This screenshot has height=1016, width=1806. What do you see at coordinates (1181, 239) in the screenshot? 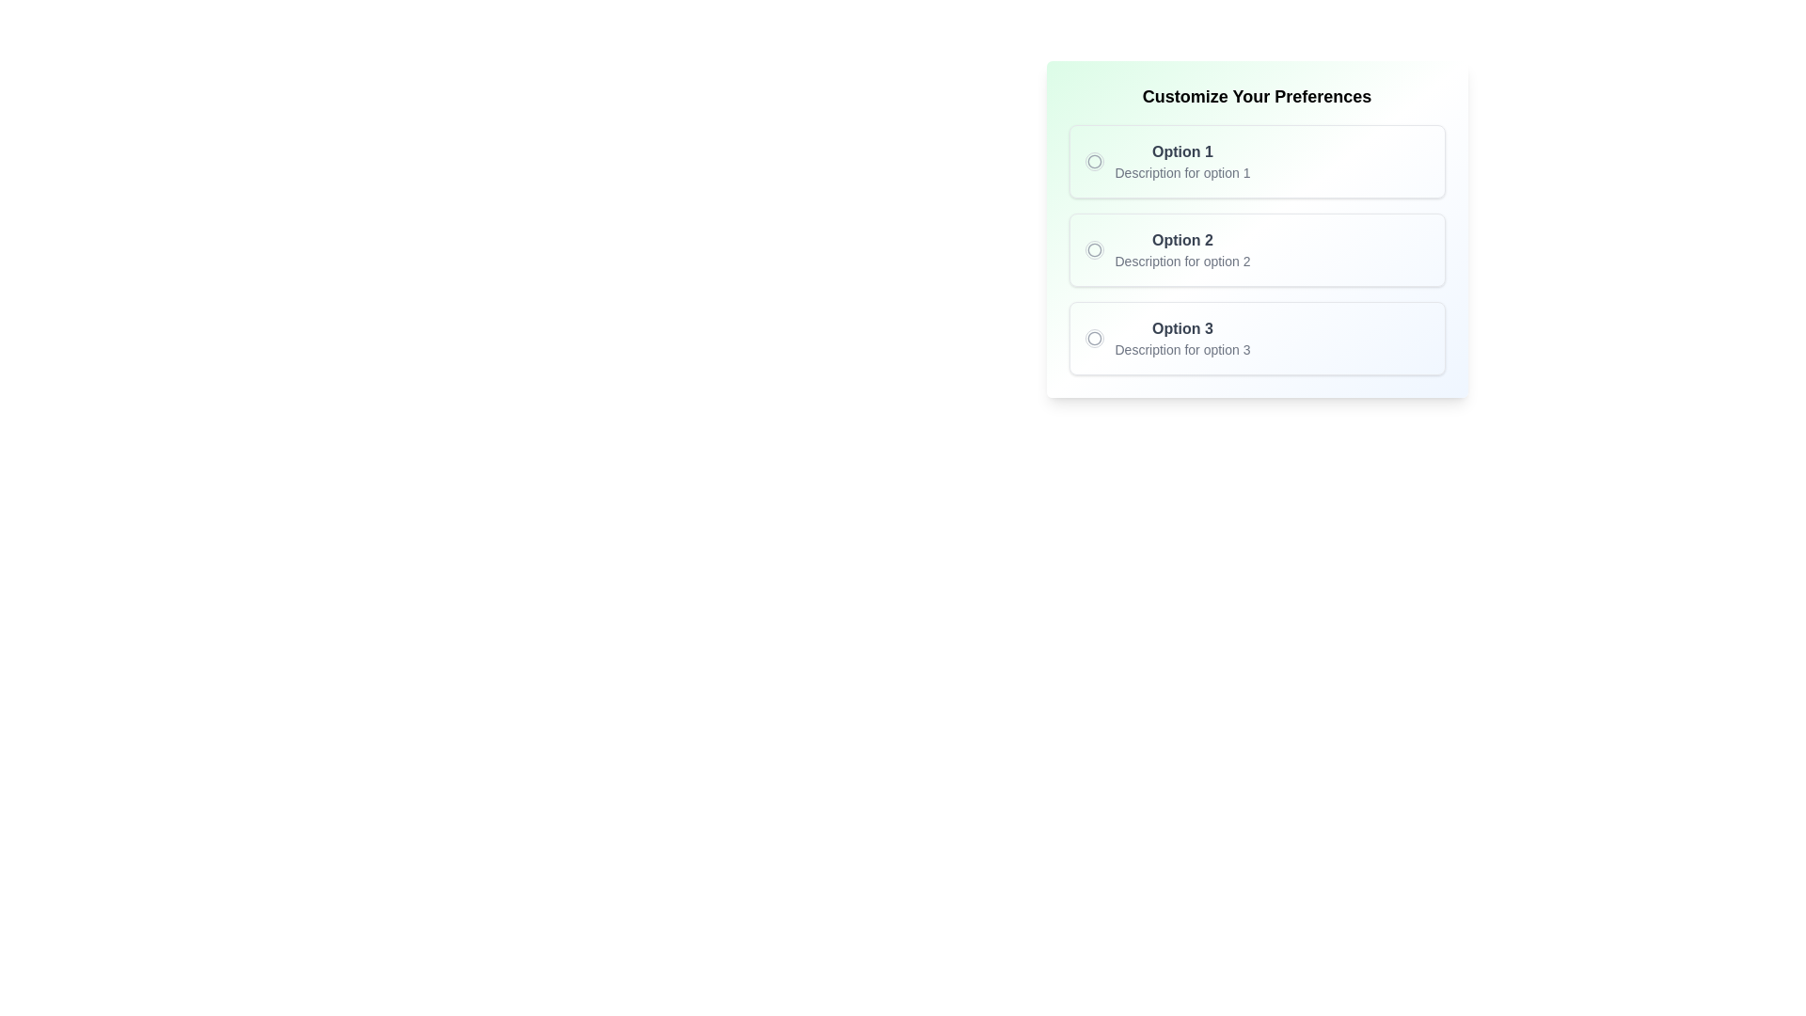
I see `the Text label that serves as a title for the second option in the user preference selection interface, positioned above the description for option 2` at bounding box center [1181, 239].